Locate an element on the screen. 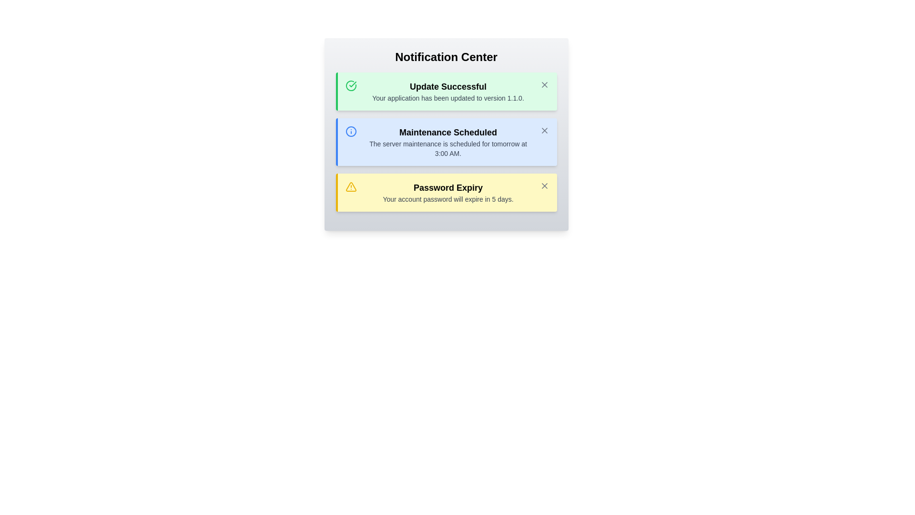 The width and height of the screenshot is (915, 515). the header labeled 'Notification Center', which is displayed in a bold and large font at the top of its card-like structure is located at coordinates (446, 57).